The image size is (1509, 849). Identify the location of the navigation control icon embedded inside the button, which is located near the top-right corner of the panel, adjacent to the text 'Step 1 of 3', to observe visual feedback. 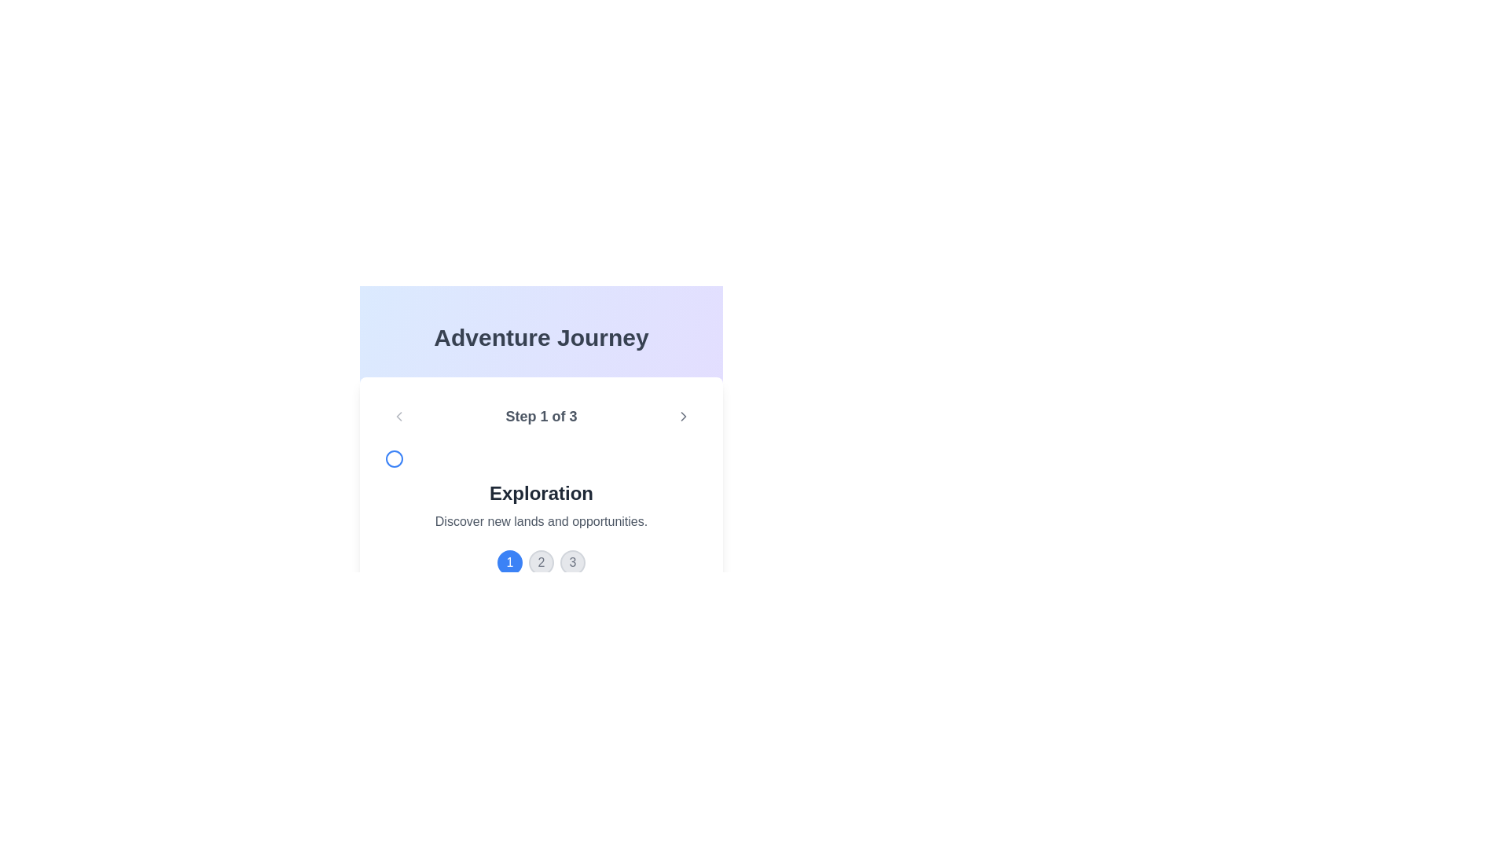
(683, 415).